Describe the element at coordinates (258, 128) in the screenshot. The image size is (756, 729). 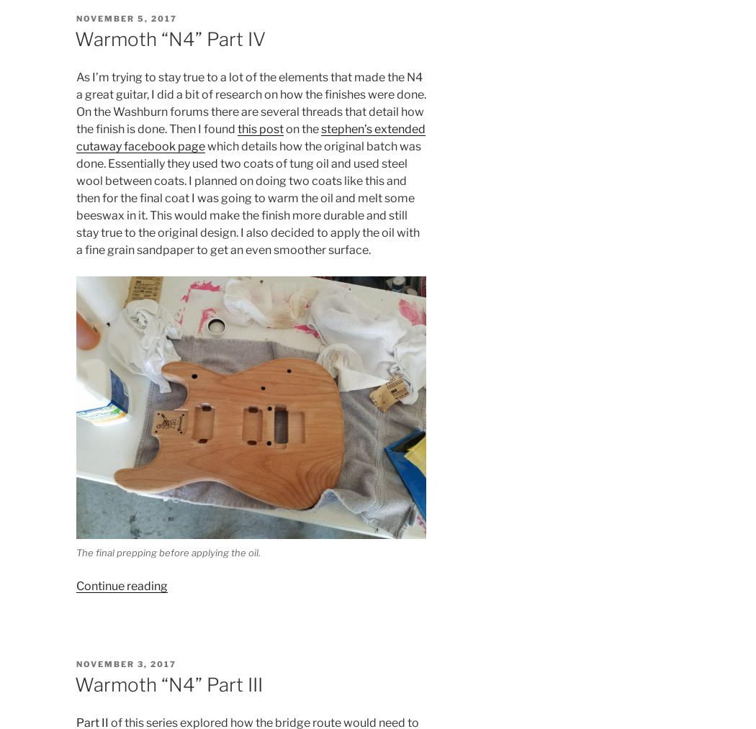
I see `'this post'` at that location.